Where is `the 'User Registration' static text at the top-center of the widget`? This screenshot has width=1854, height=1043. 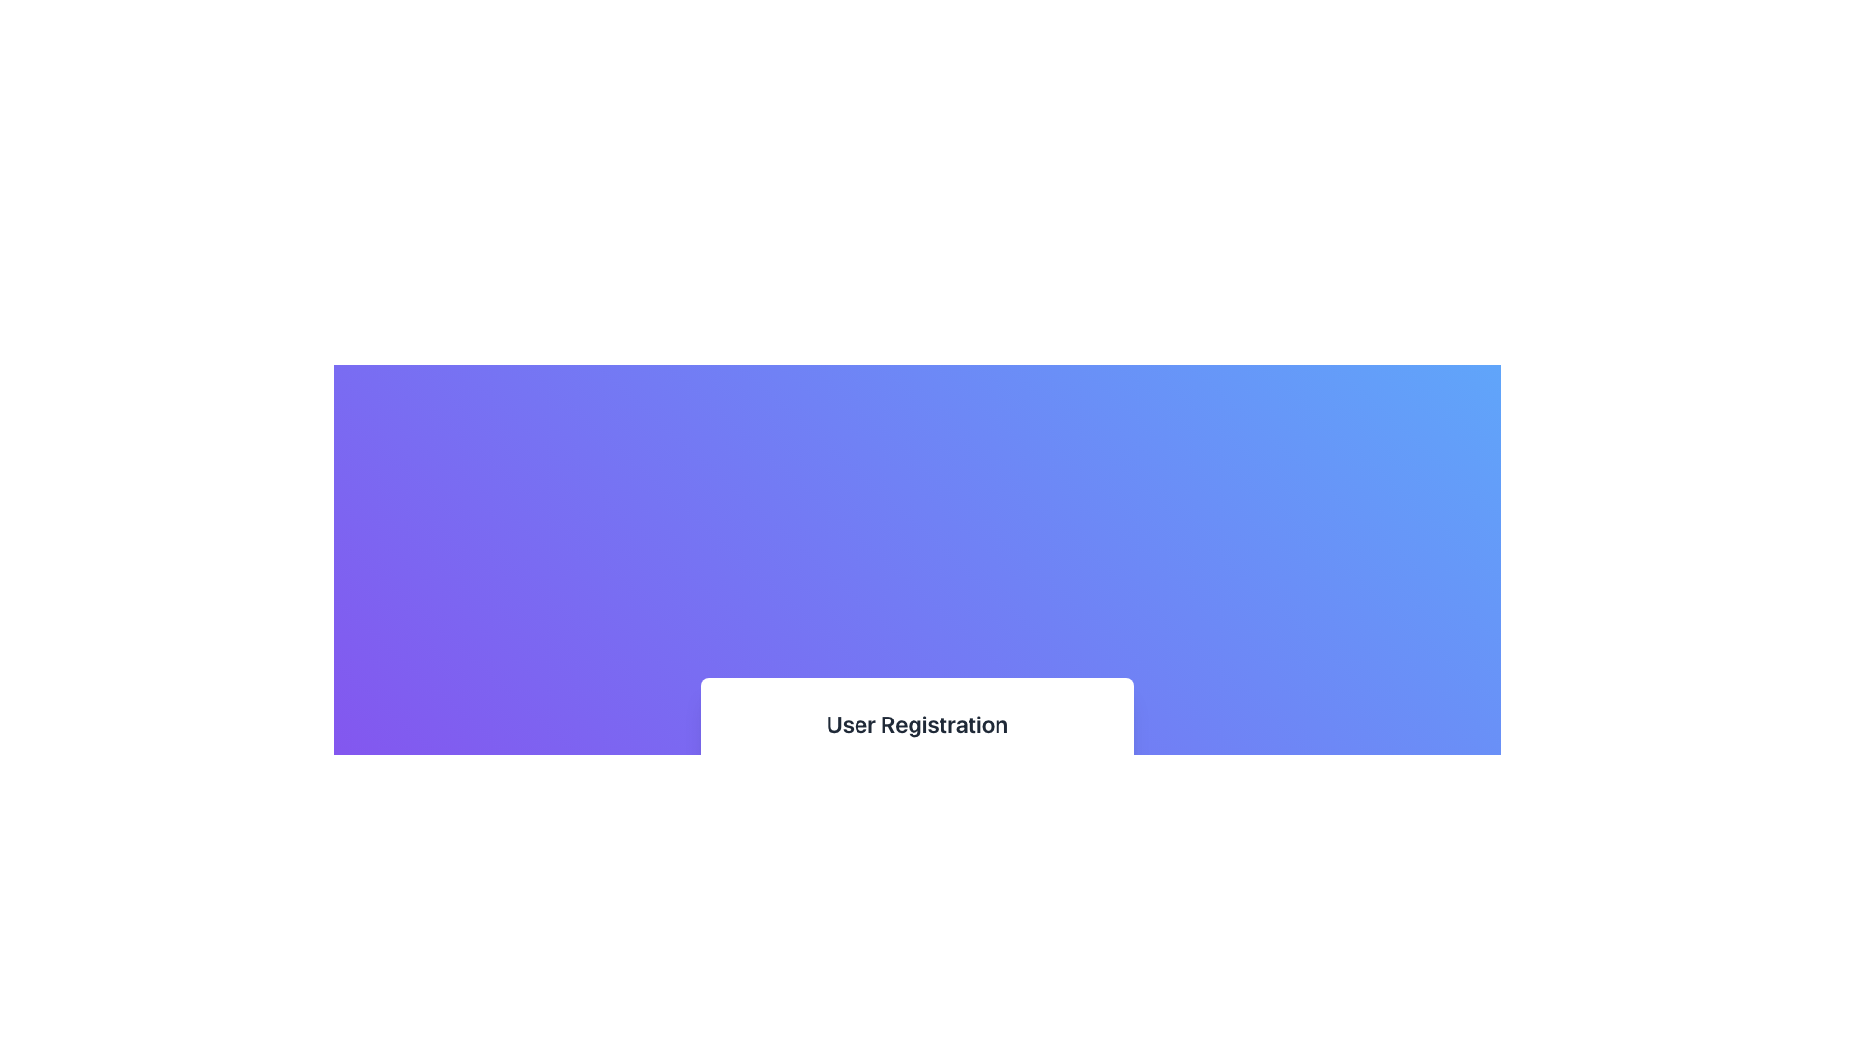 the 'User Registration' static text at the top-center of the widget is located at coordinates (916, 723).